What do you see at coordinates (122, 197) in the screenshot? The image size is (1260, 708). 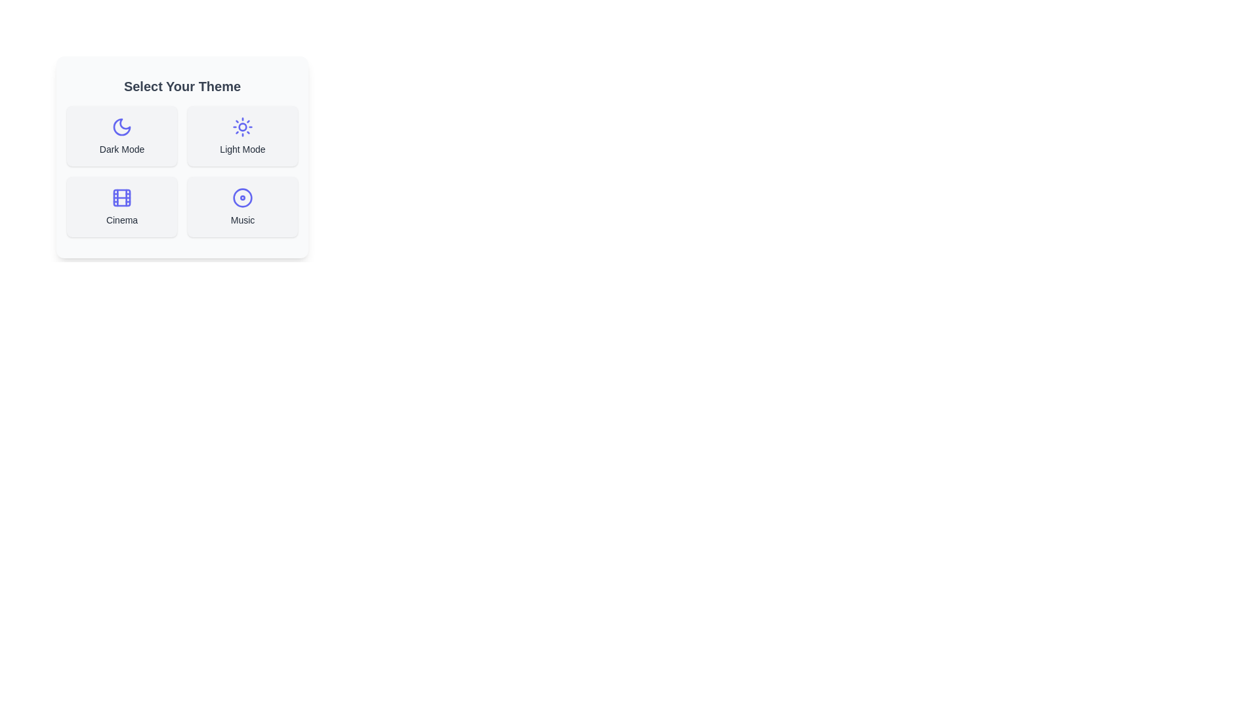 I see `the film-like icon with a blue hue, located within the 'Cinema' option below 'Dark Mode'` at bounding box center [122, 197].